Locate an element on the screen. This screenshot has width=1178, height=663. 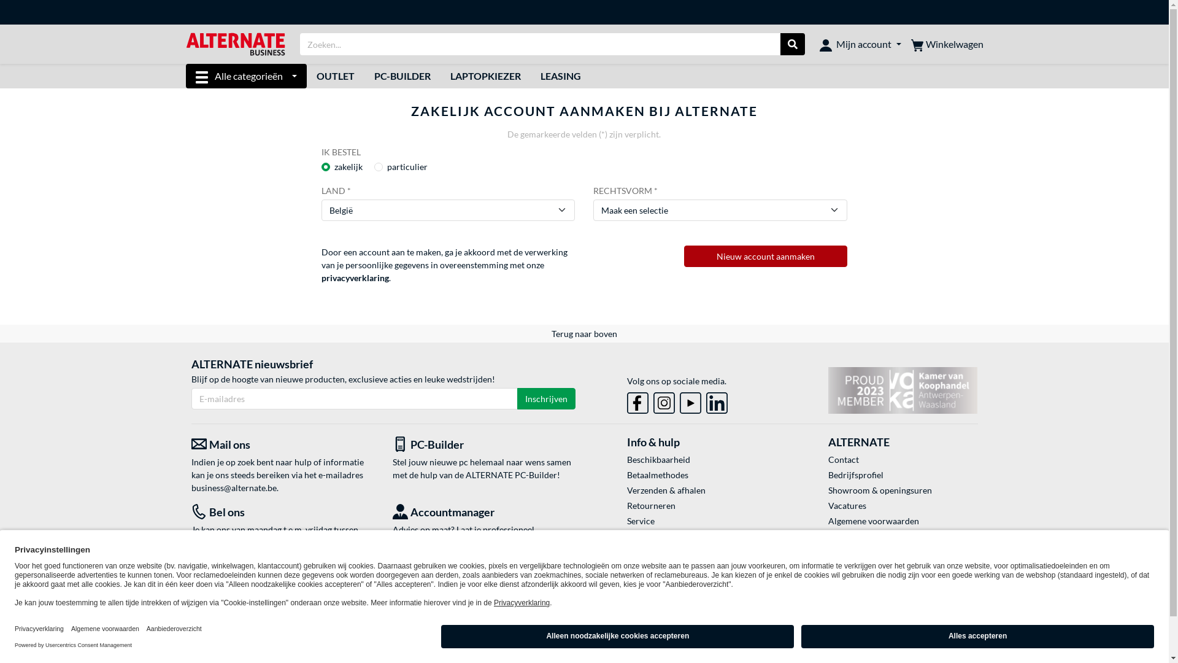
'OUTLET' is located at coordinates (306, 76).